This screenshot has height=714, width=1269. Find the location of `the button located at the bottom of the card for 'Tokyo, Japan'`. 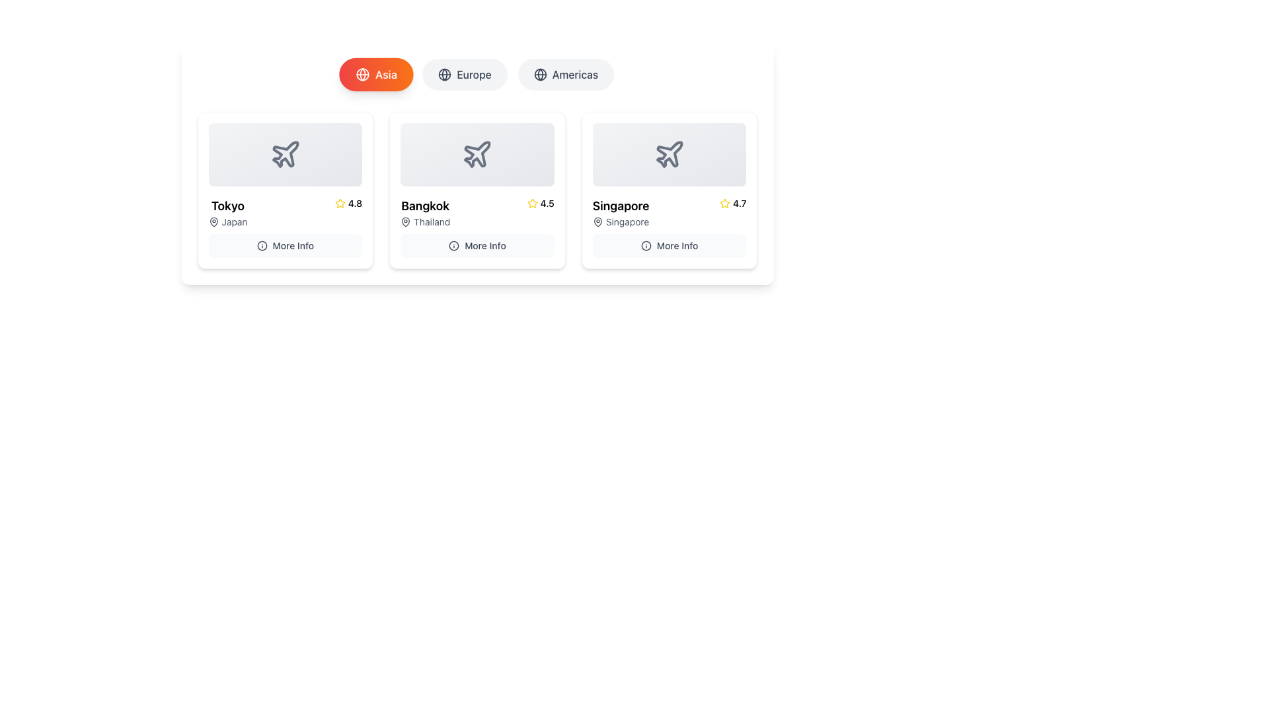

the button located at the bottom of the card for 'Tokyo, Japan' is located at coordinates (284, 245).